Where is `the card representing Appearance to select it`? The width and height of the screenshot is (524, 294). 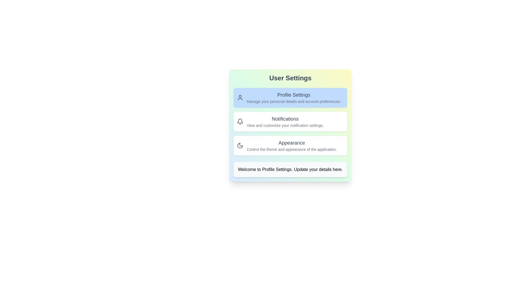
the card representing Appearance to select it is located at coordinates (290, 145).